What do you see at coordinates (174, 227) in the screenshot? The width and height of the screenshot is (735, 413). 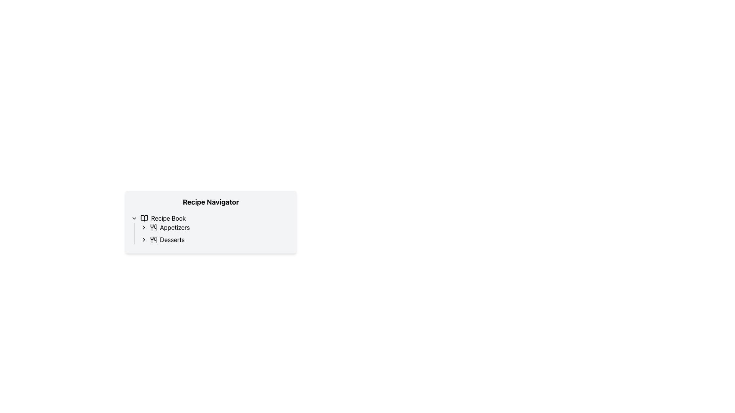 I see `the static text label 'Appetizers'` at bounding box center [174, 227].